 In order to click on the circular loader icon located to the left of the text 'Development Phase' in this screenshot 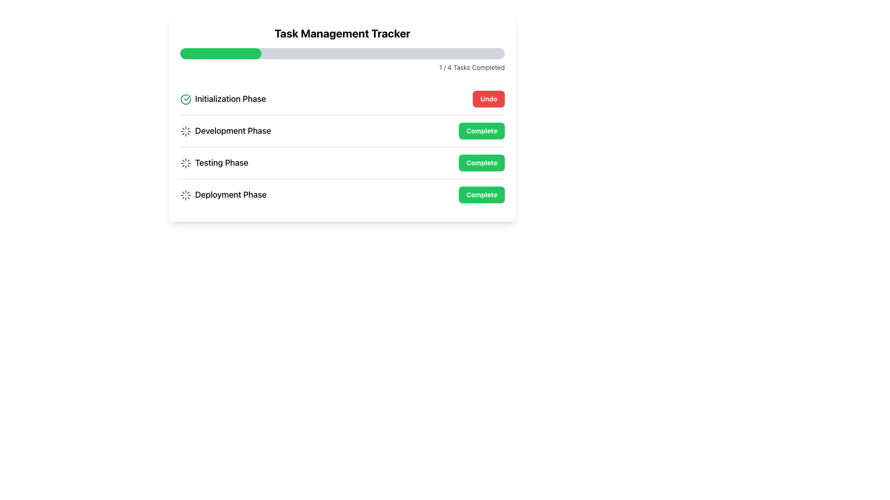, I will do `click(185, 131)`.